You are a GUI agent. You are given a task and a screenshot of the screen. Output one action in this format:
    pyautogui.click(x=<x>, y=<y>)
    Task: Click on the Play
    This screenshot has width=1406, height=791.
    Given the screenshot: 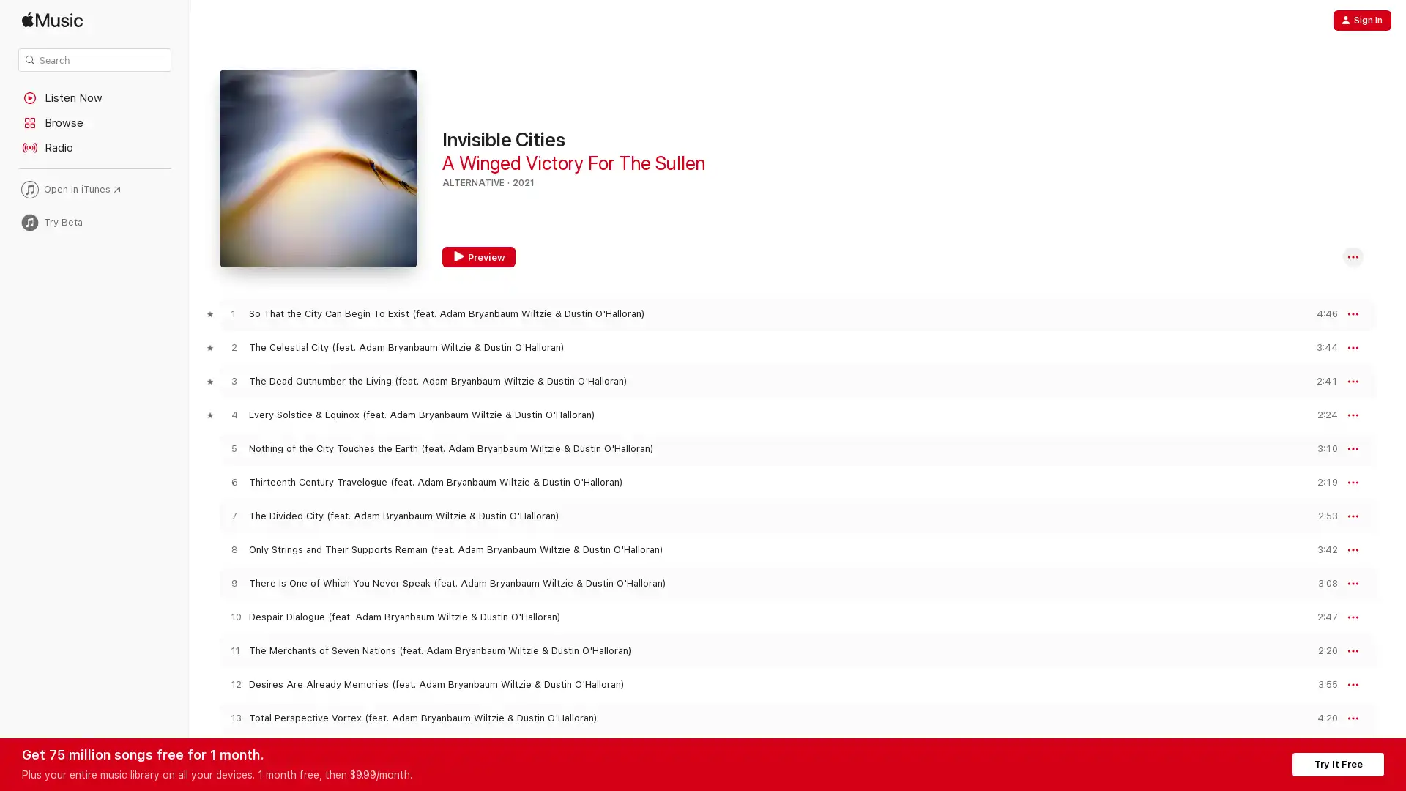 What is the action you would take?
    pyautogui.click(x=233, y=549)
    